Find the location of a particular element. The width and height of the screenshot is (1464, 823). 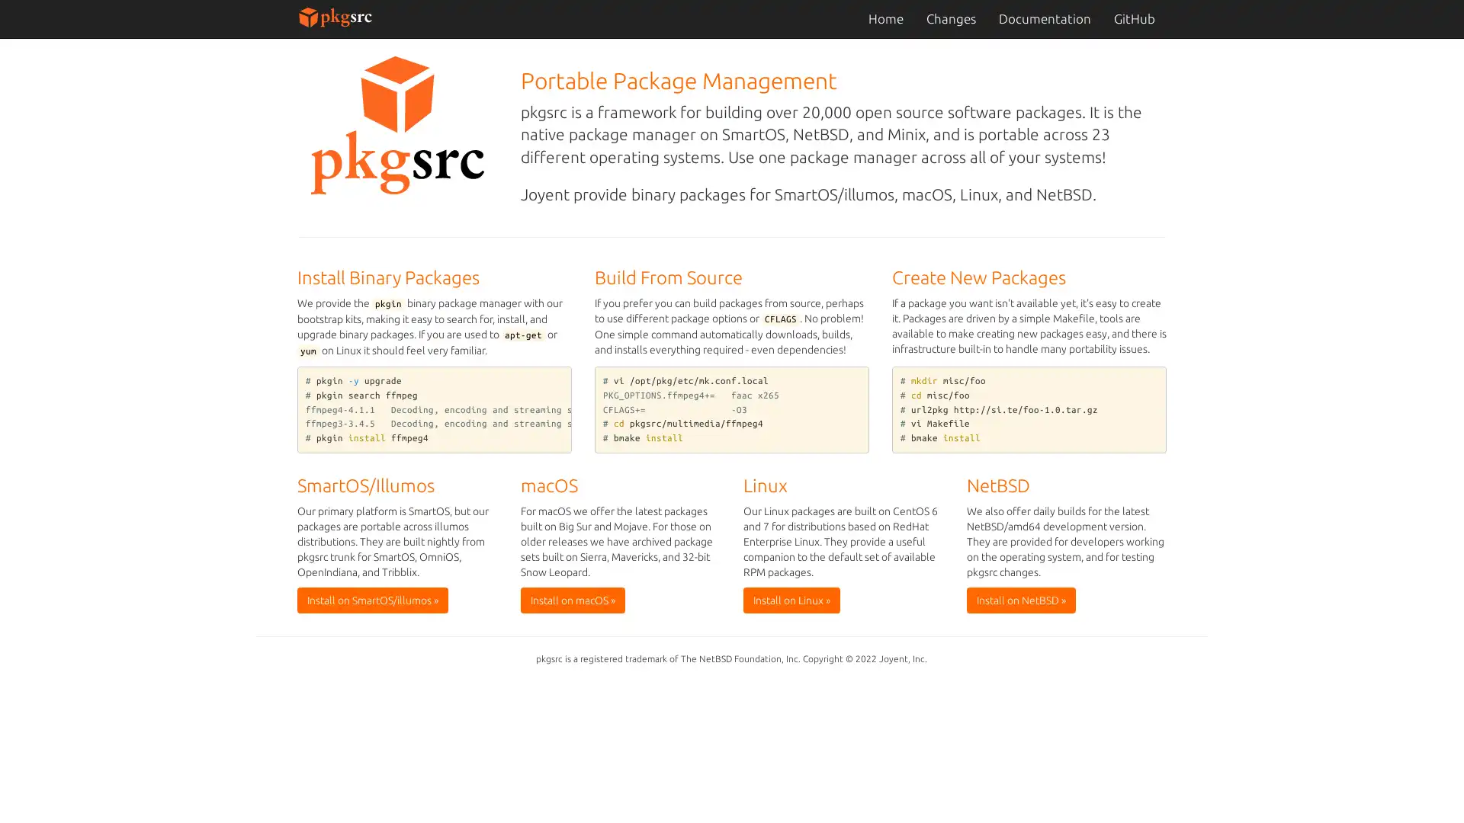

Install on NetBSD is located at coordinates (1020, 599).